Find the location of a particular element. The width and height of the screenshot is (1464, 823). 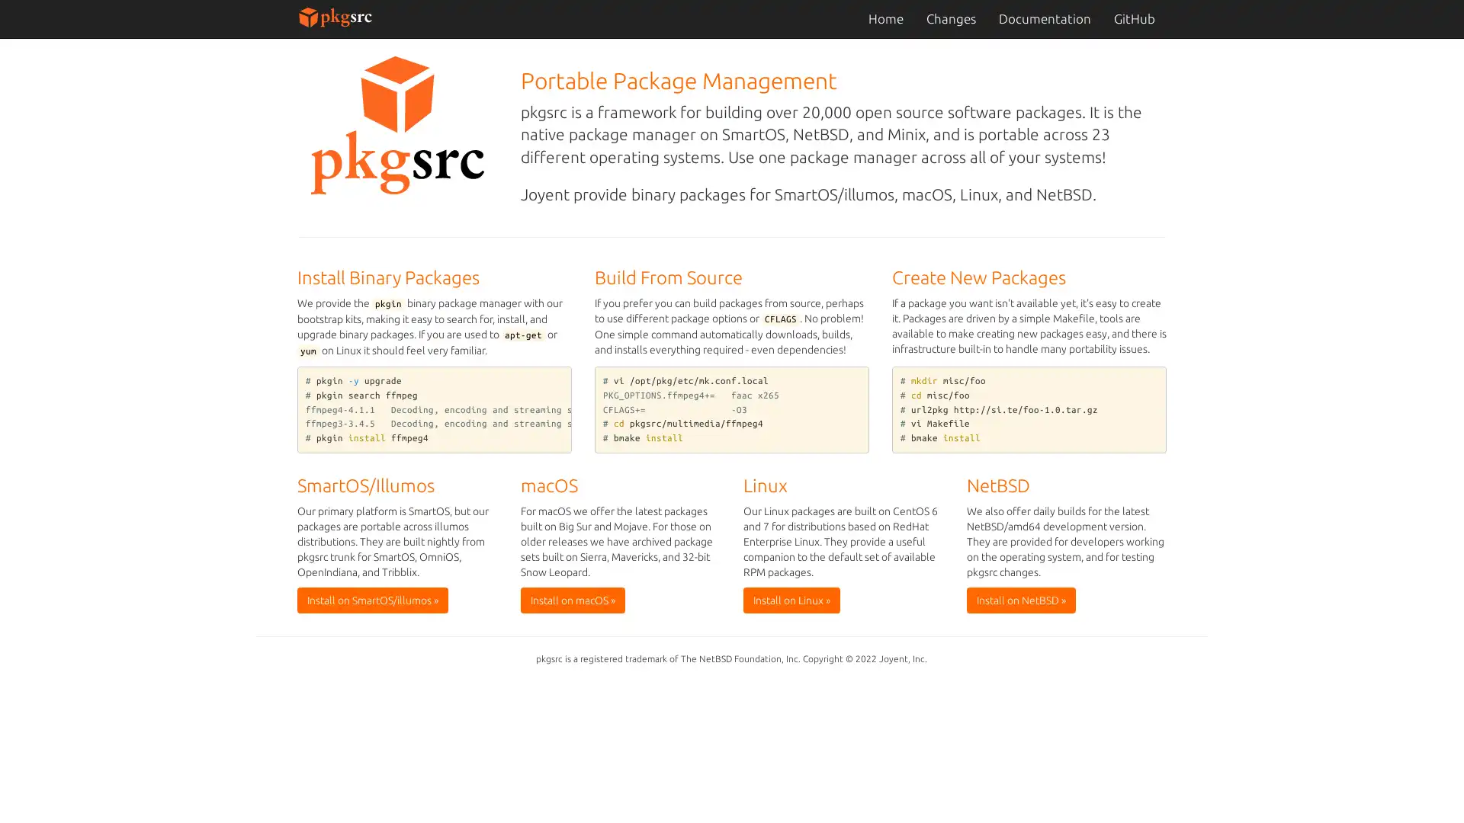

Install on NetBSD is located at coordinates (1020, 599).